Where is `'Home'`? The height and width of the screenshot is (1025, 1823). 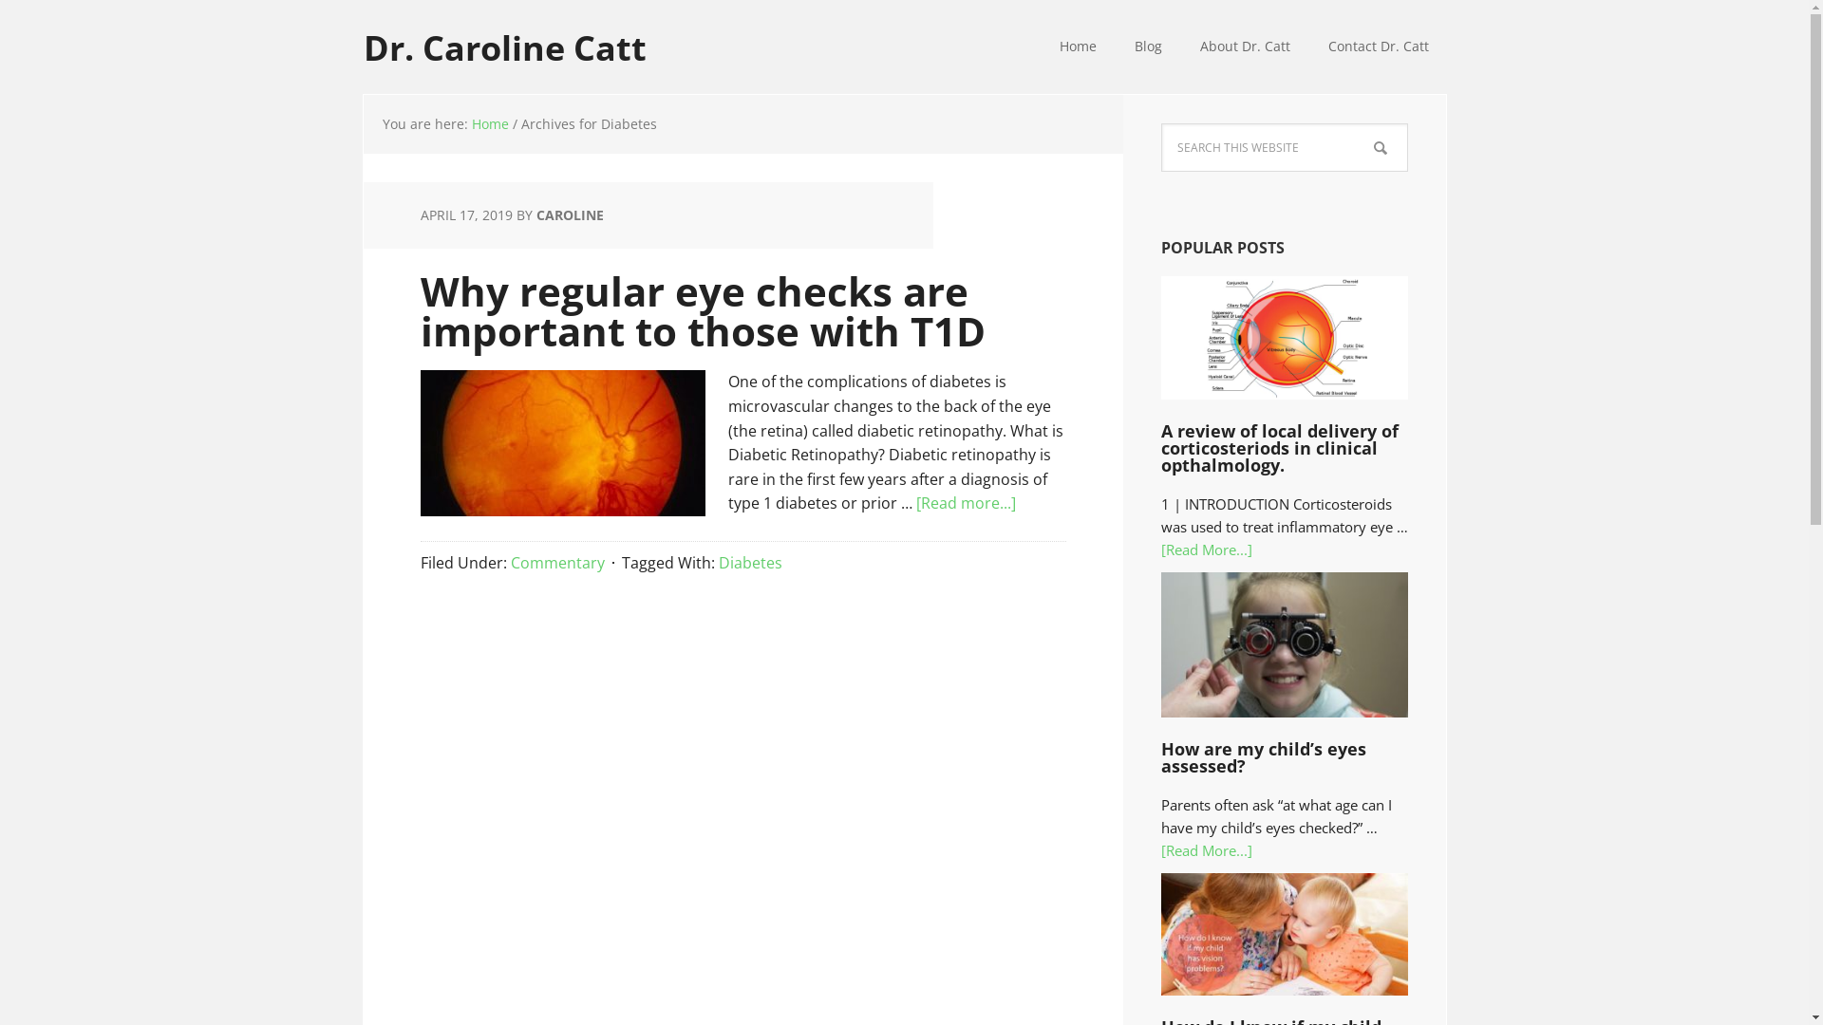
'Home' is located at coordinates (470, 123).